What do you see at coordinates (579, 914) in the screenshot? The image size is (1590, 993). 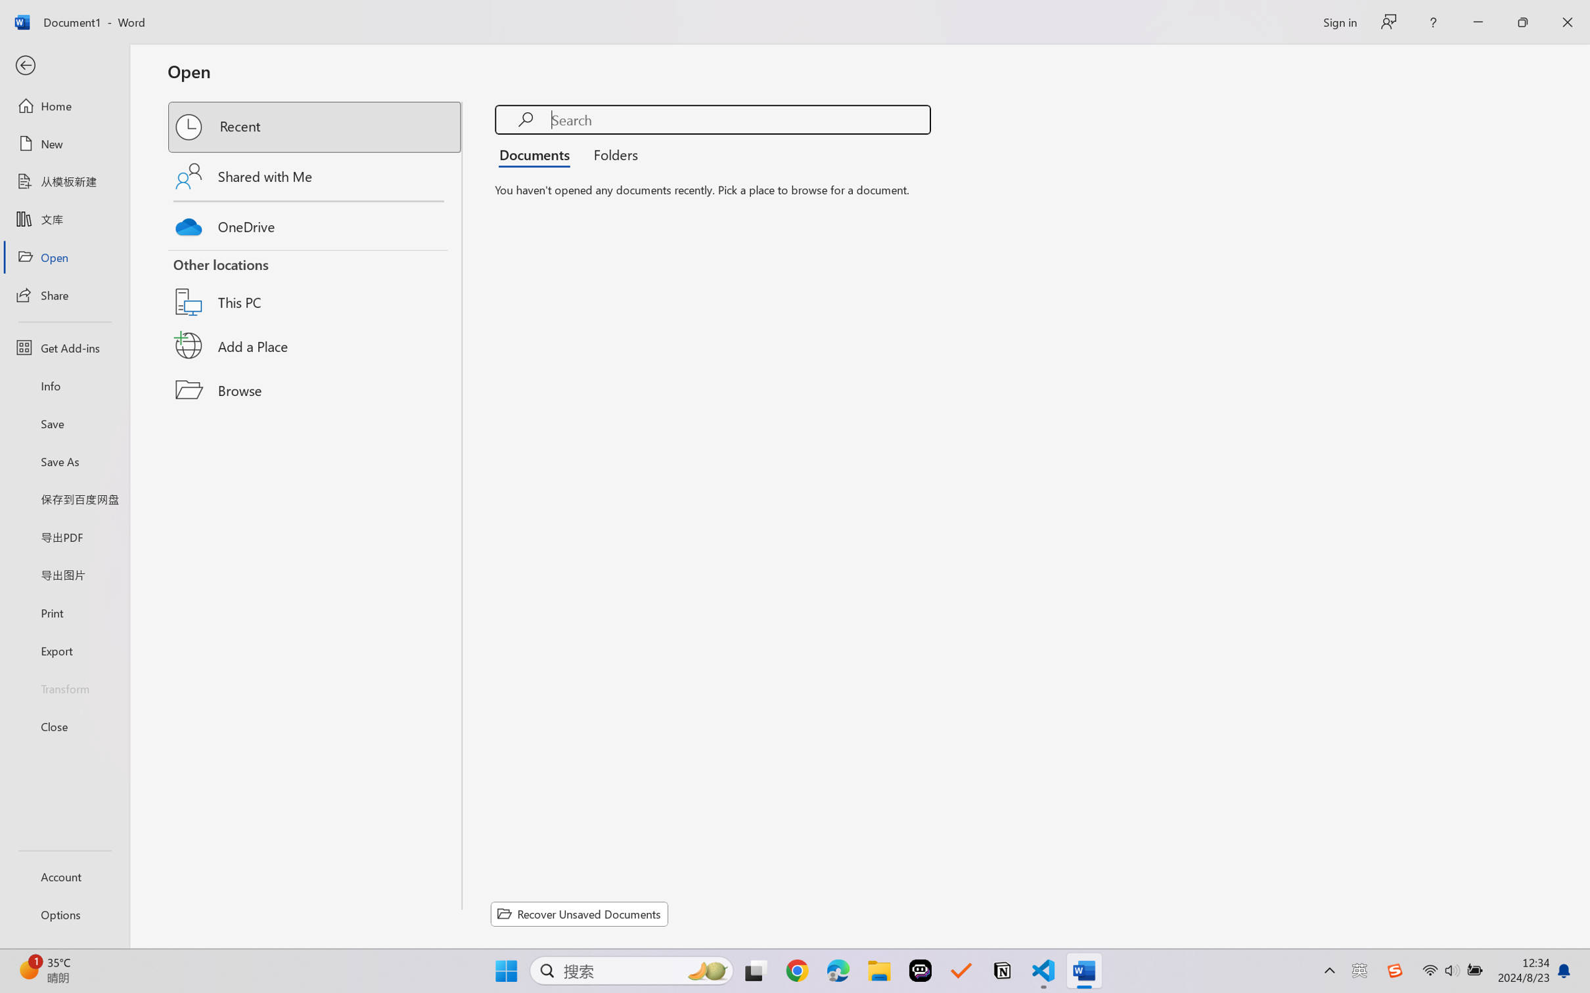 I see `'Recover Unsaved Documents'` at bounding box center [579, 914].